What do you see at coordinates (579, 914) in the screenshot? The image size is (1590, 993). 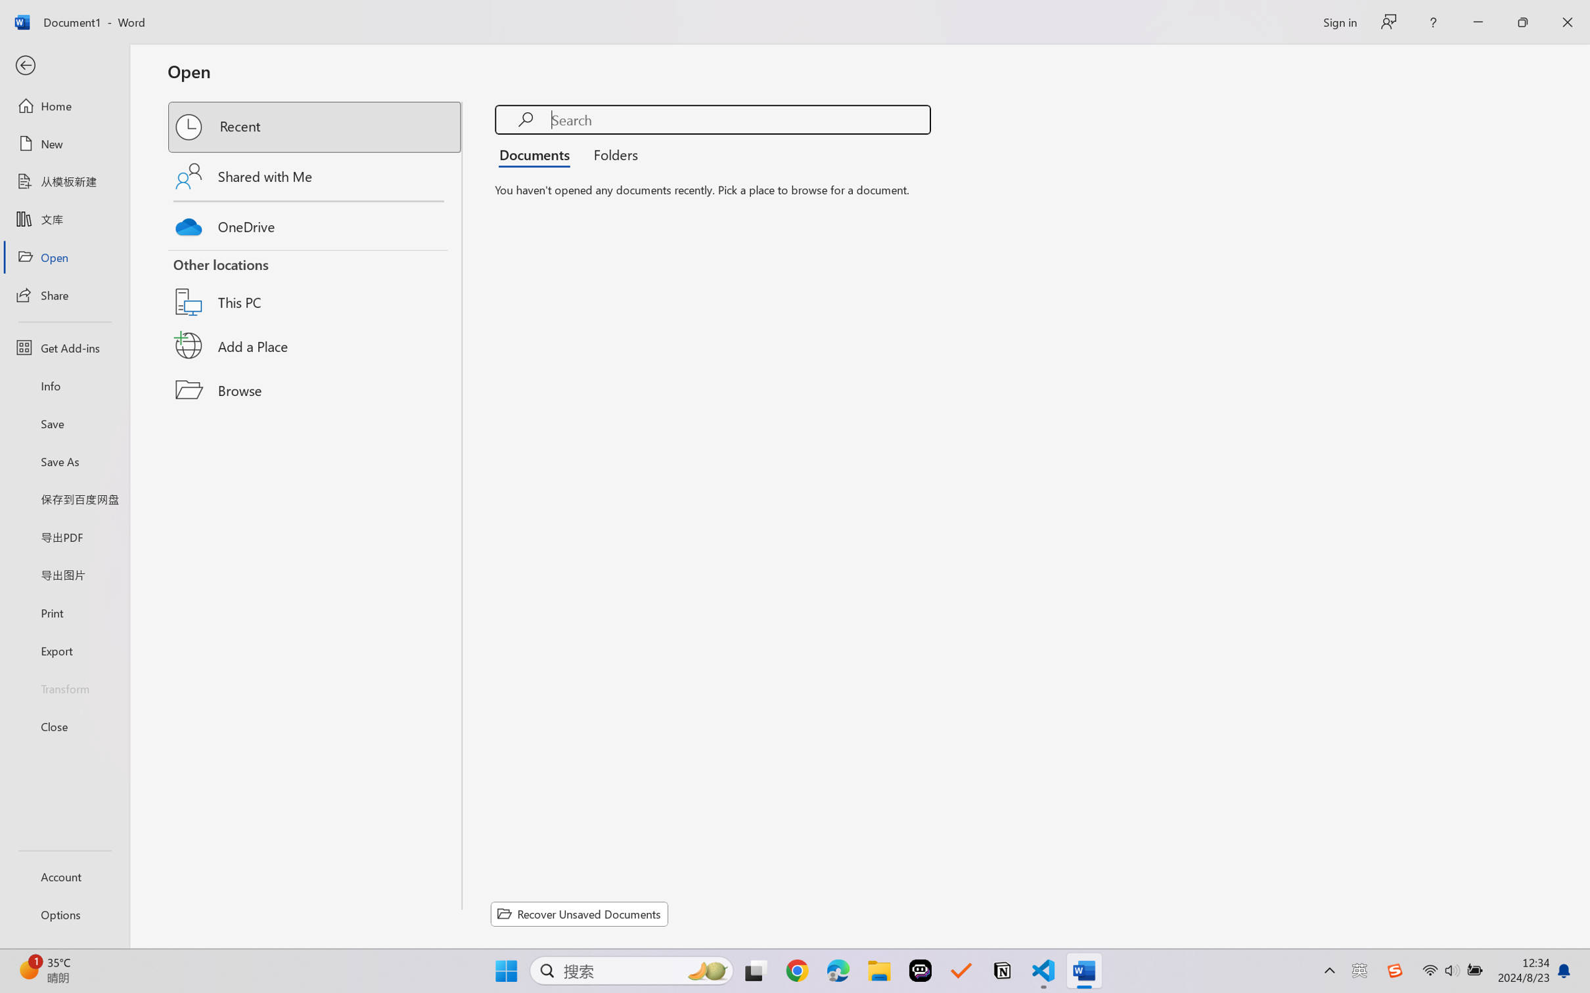 I see `'Recover Unsaved Documents'` at bounding box center [579, 914].